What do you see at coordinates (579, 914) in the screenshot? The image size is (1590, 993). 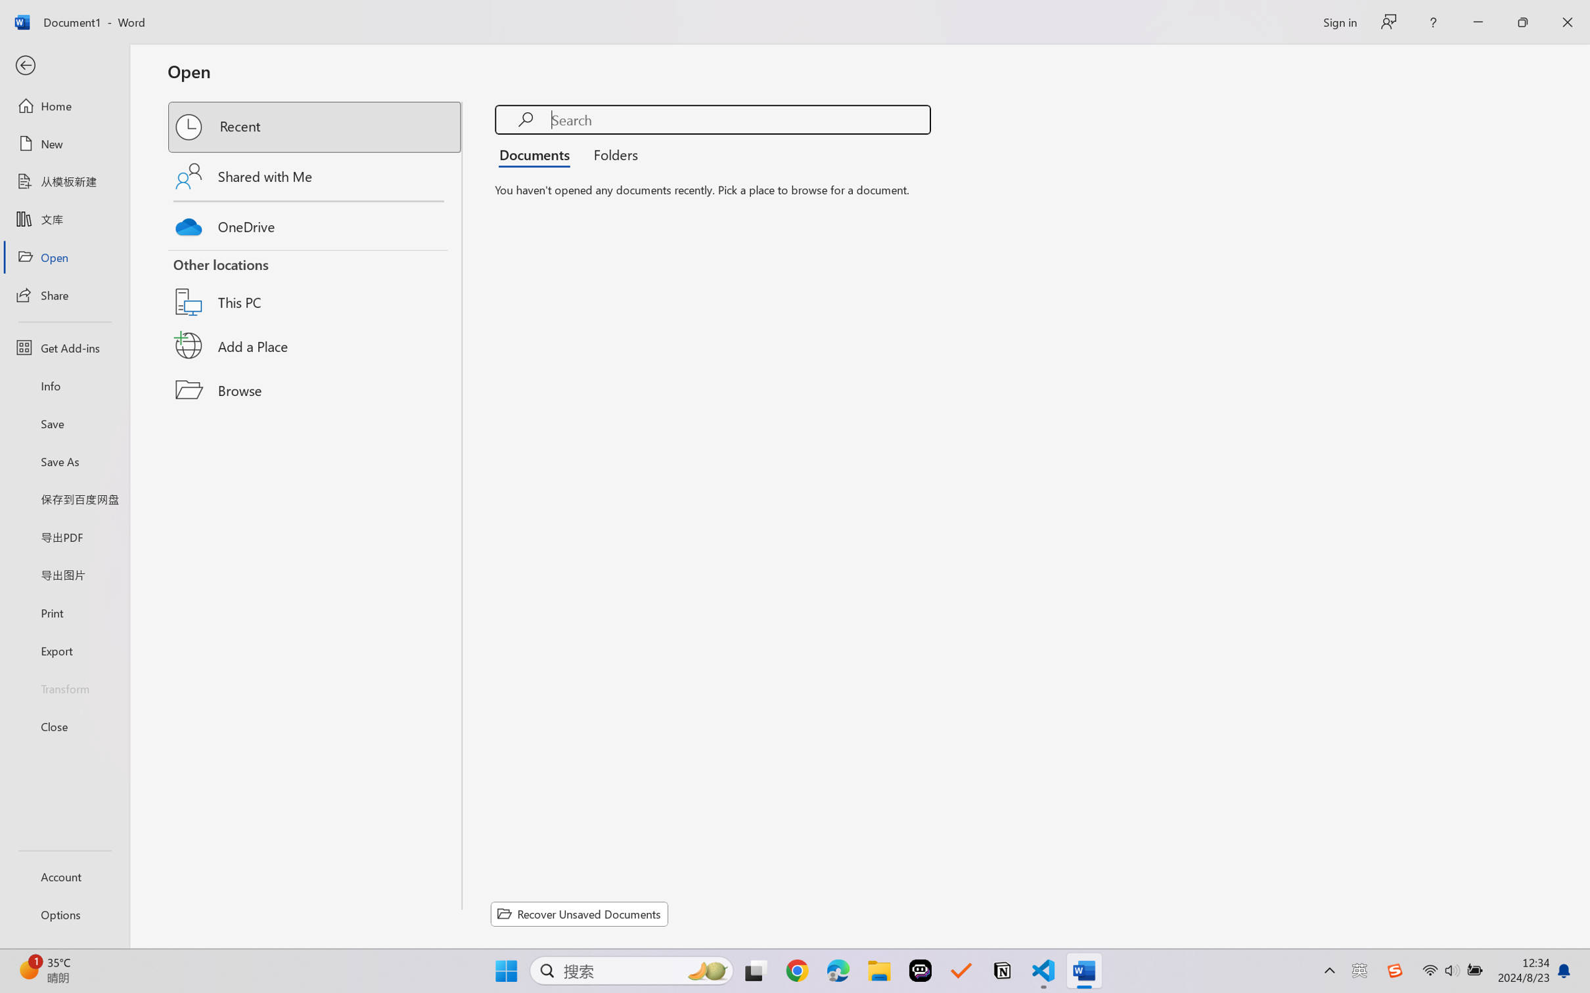 I see `'Recover Unsaved Documents'` at bounding box center [579, 914].